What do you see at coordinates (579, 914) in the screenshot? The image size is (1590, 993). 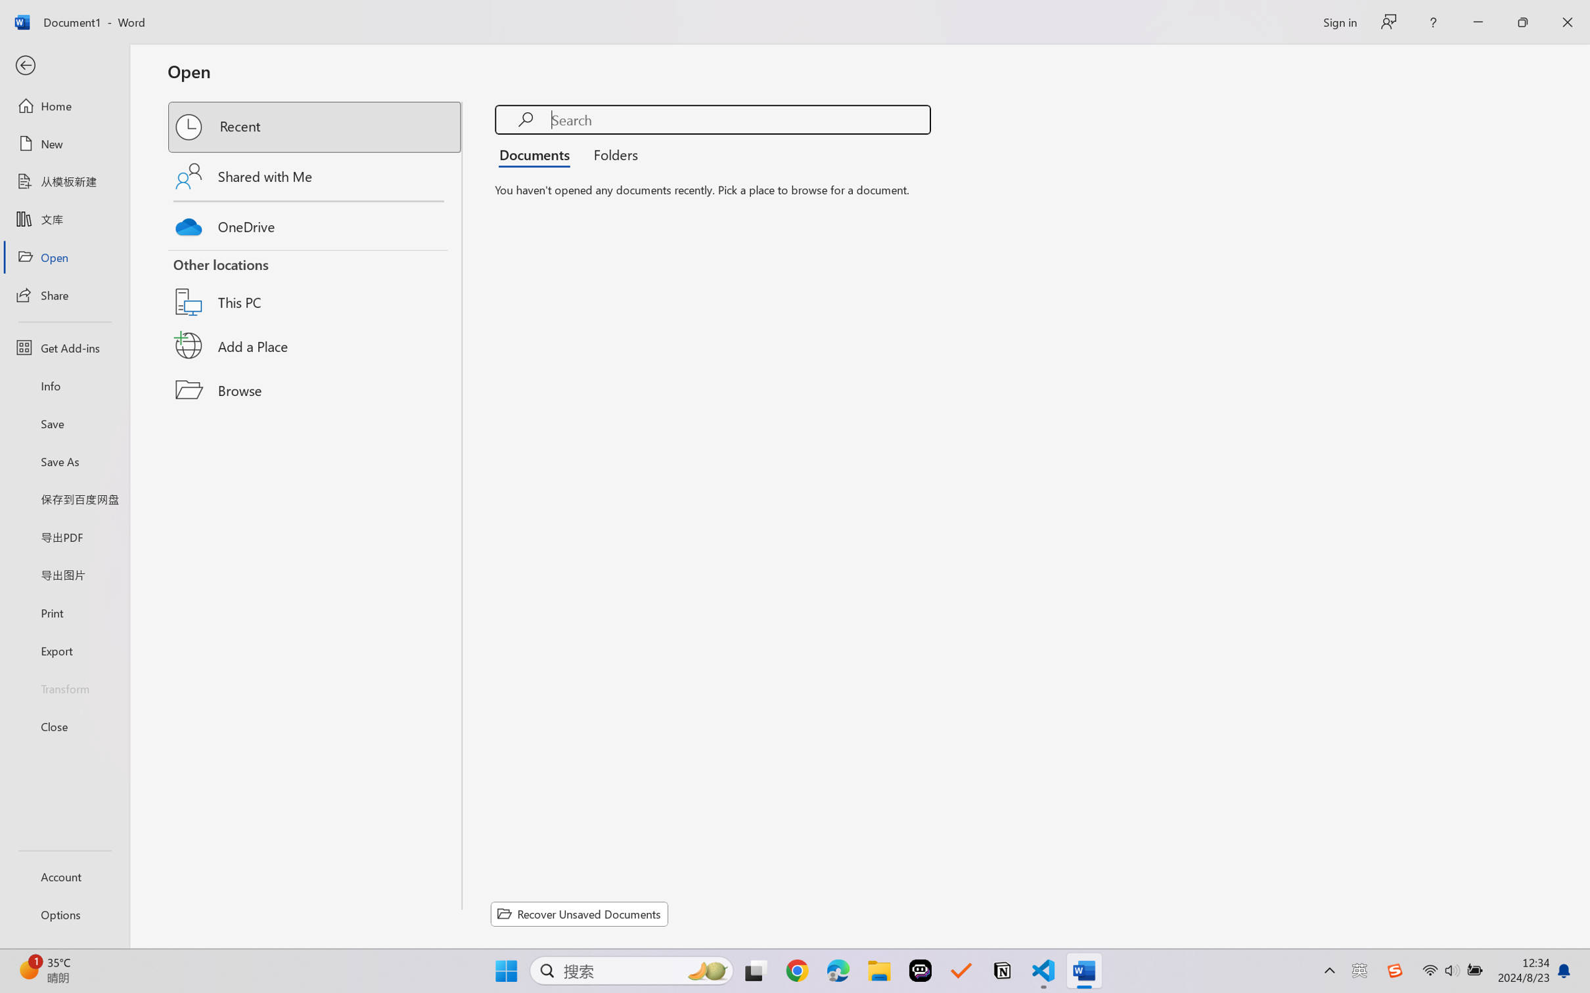 I see `'Recover Unsaved Documents'` at bounding box center [579, 914].